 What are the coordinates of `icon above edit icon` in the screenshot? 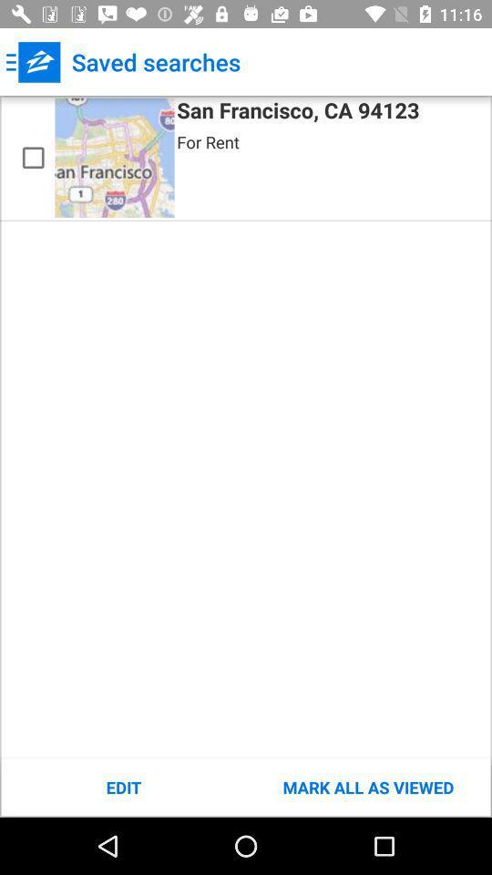 It's located at (114, 157).